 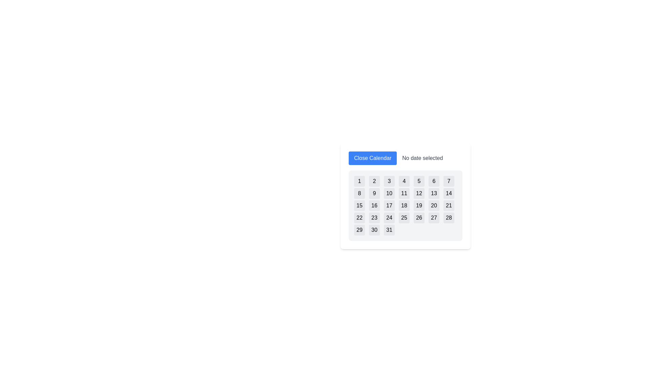 What do you see at coordinates (389, 229) in the screenshot?
I see `the button representing the 31st day in the calendar interface` at bounding box center [389, 229].